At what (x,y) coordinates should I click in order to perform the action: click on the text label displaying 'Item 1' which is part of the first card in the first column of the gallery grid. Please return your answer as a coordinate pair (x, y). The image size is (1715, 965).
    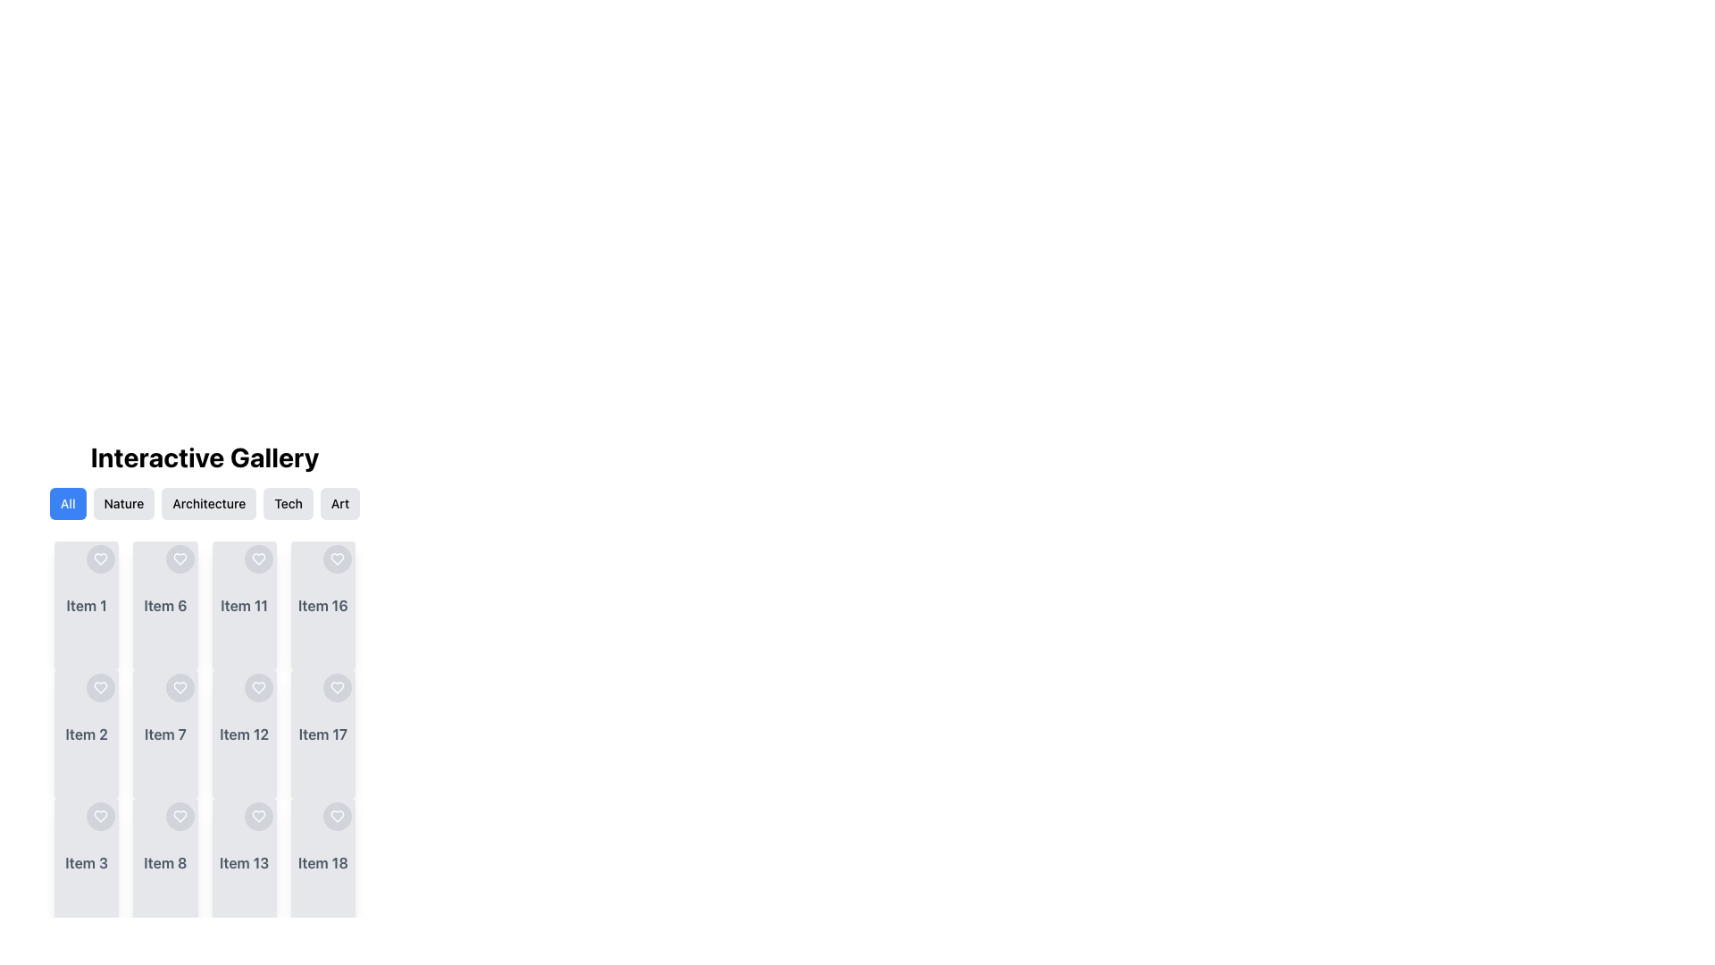
    Looking at the image, I should click on (86, 605).